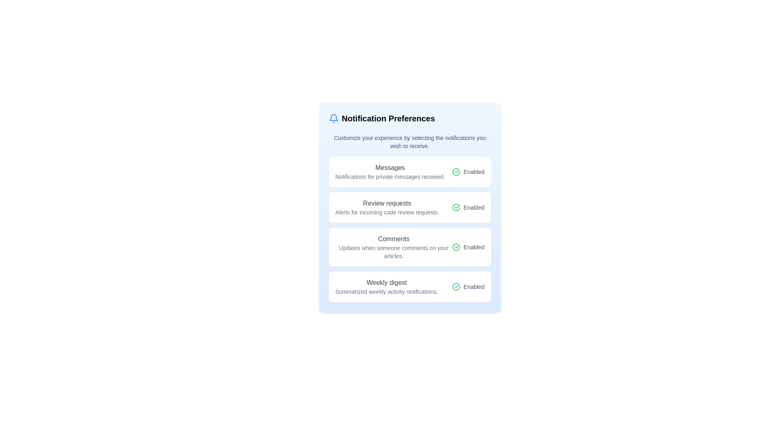 This screenshot has width=778, height=437. Describe the element at coordinates (390, 168) in the screenshot. I see `the Text Label that serves as a header for the notification option in the 'Notification Preferences' panel, located above the text 'Notifications for private messages received.'` at that location.